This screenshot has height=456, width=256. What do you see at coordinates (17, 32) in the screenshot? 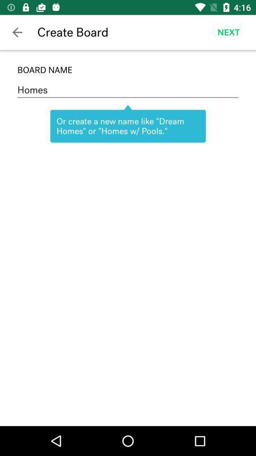
I see `the icon above board name` at bounding box center [17, 32].